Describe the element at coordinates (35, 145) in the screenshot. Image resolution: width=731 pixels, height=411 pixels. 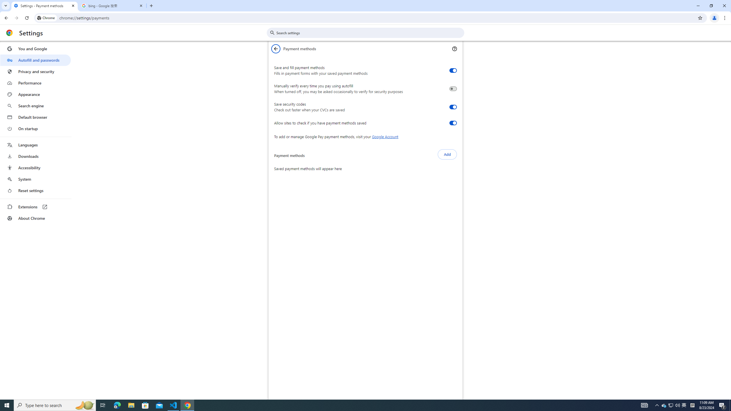
I see `'Languages'` at that location.